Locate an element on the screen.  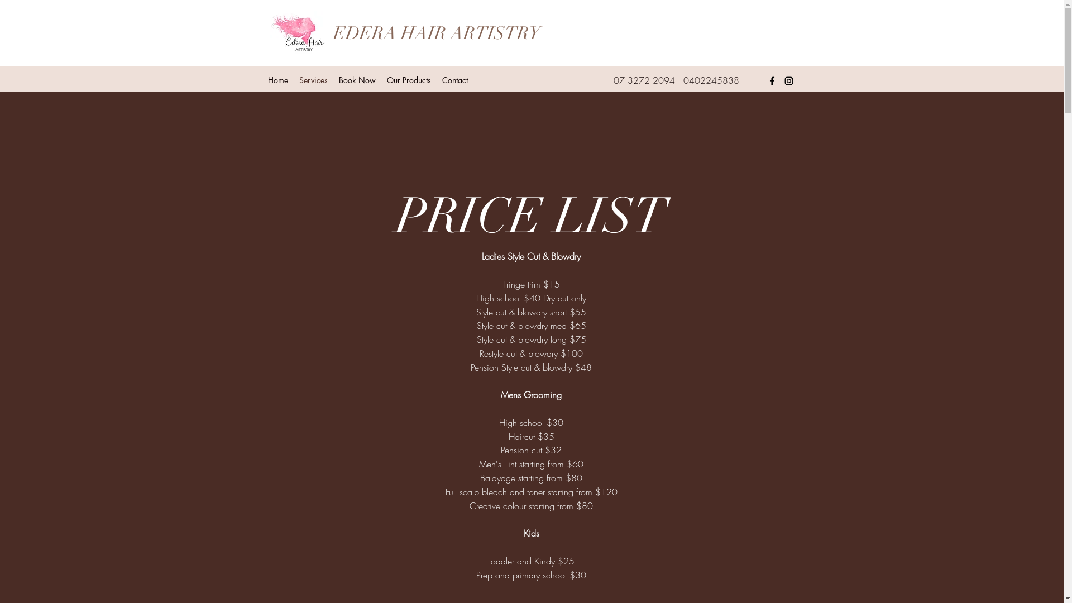
'Home' is located at coordinates (278, 79).